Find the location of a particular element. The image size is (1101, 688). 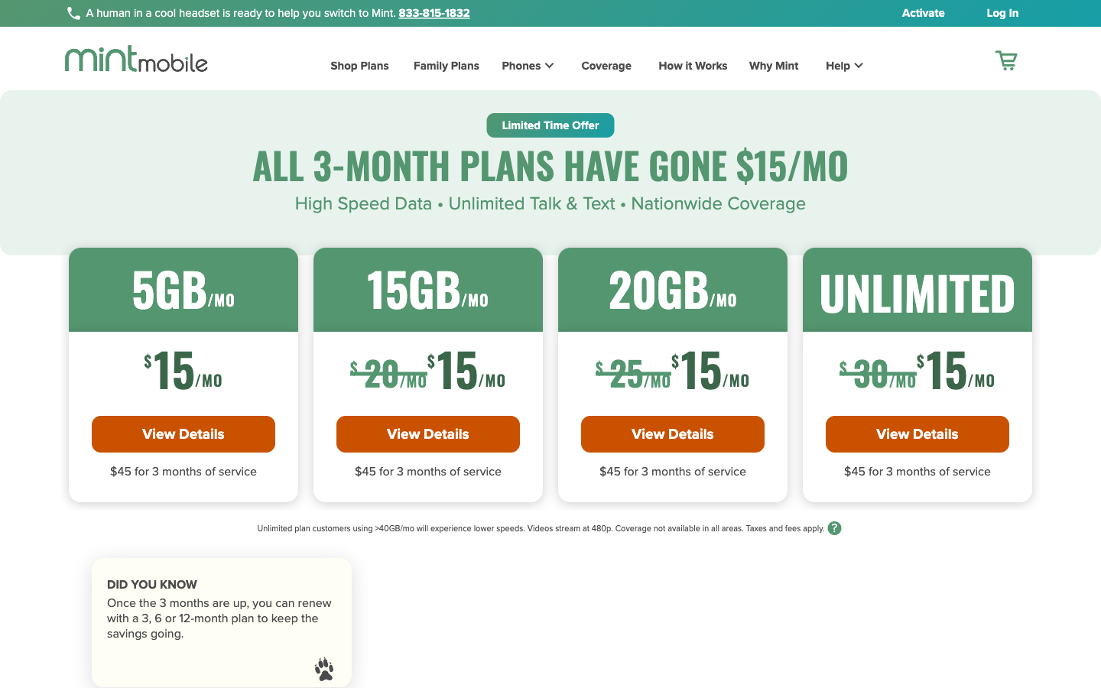

Vist the Mint Mobile Homepage is located at coordinates (135, 57).